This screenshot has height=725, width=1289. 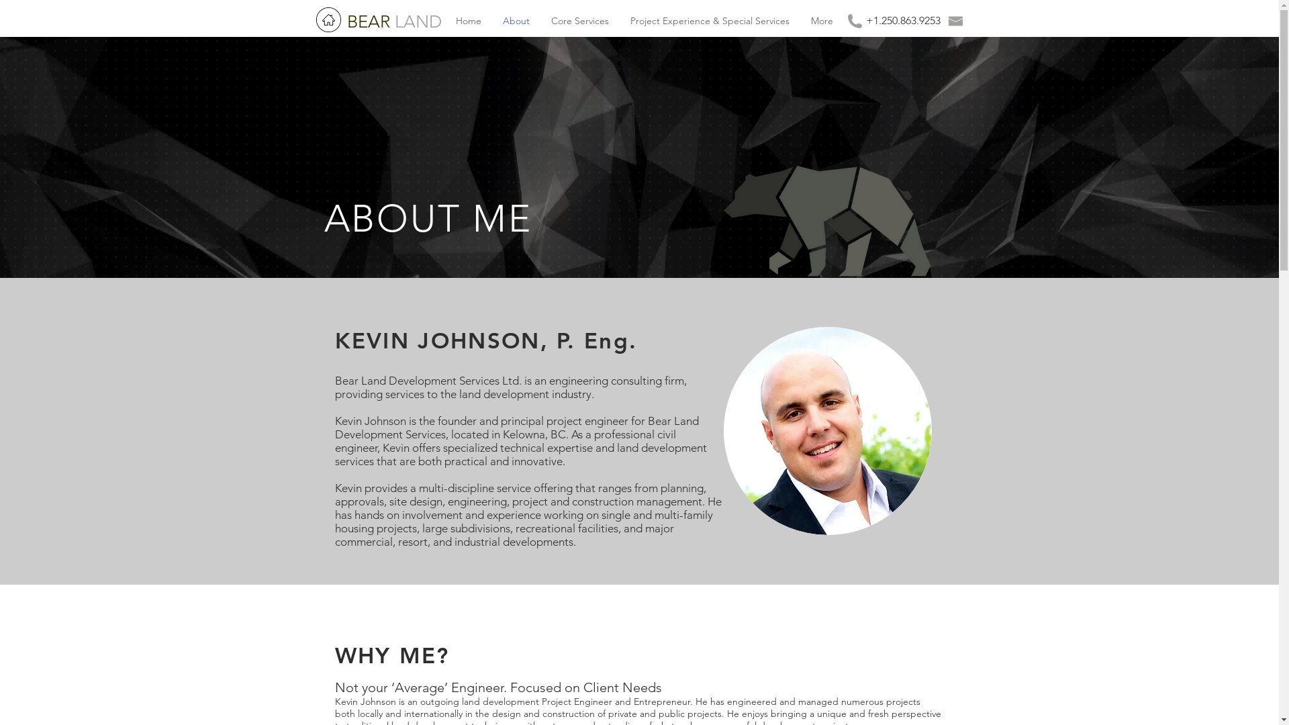 I want to click on 'Raaaaarrr!', so click(x=723, y=217).